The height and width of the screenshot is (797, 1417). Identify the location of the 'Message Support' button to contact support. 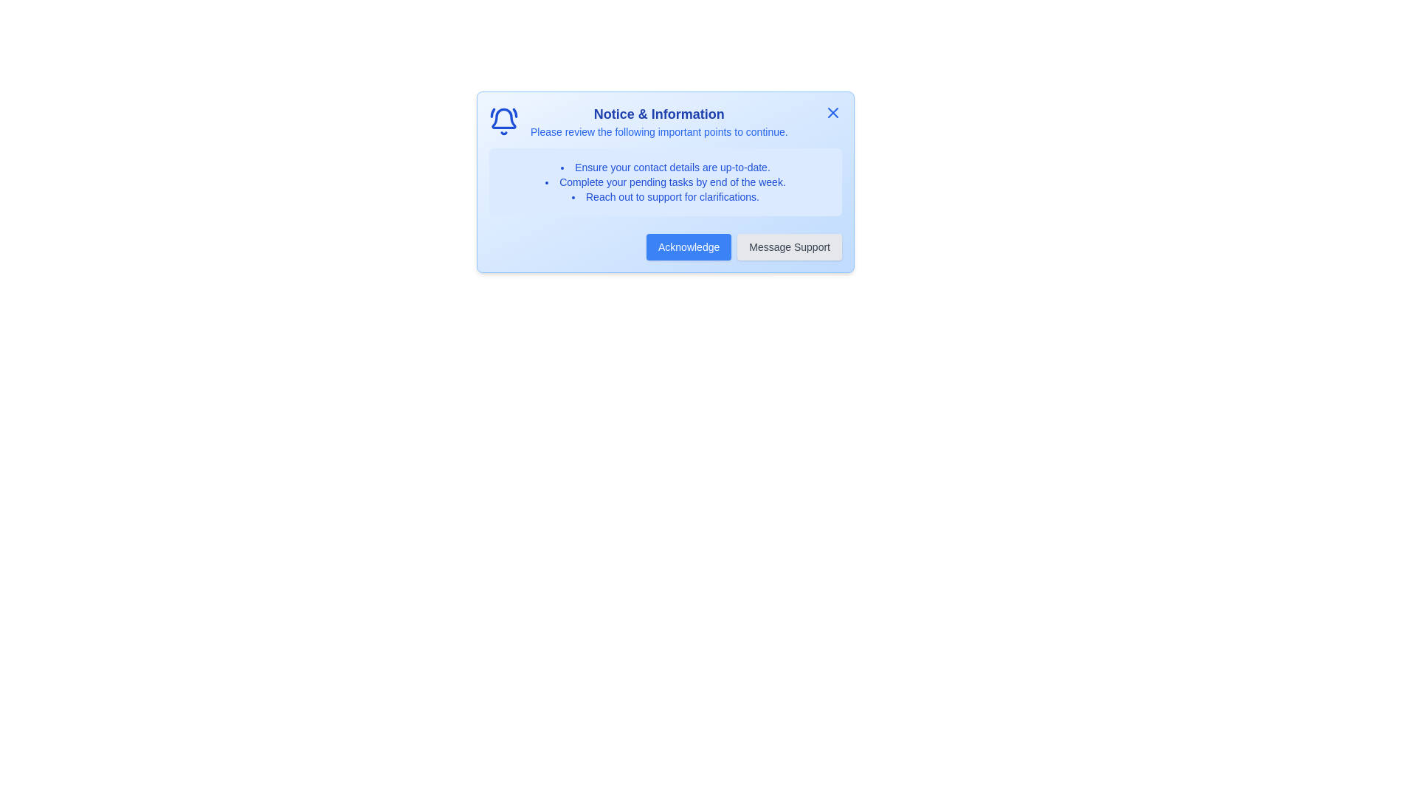
(789, 246).